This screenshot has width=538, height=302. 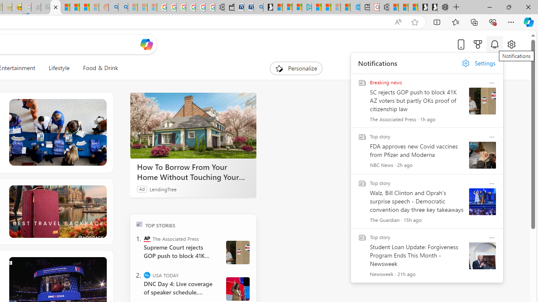 I want to click on 'Nordace - Nordace Siena Is Not An Ordinary Backpack', so click(x=442, y=7).